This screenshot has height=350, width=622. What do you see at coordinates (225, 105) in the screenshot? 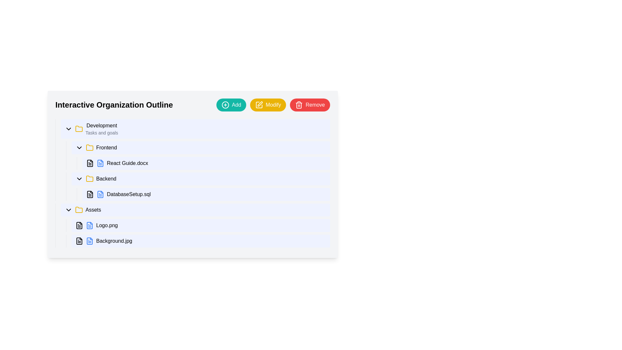
I see `the 'Add' button, which features a decorative circle with a plus sign icon located to the left of the button's text` at bounding box center [225, 105].